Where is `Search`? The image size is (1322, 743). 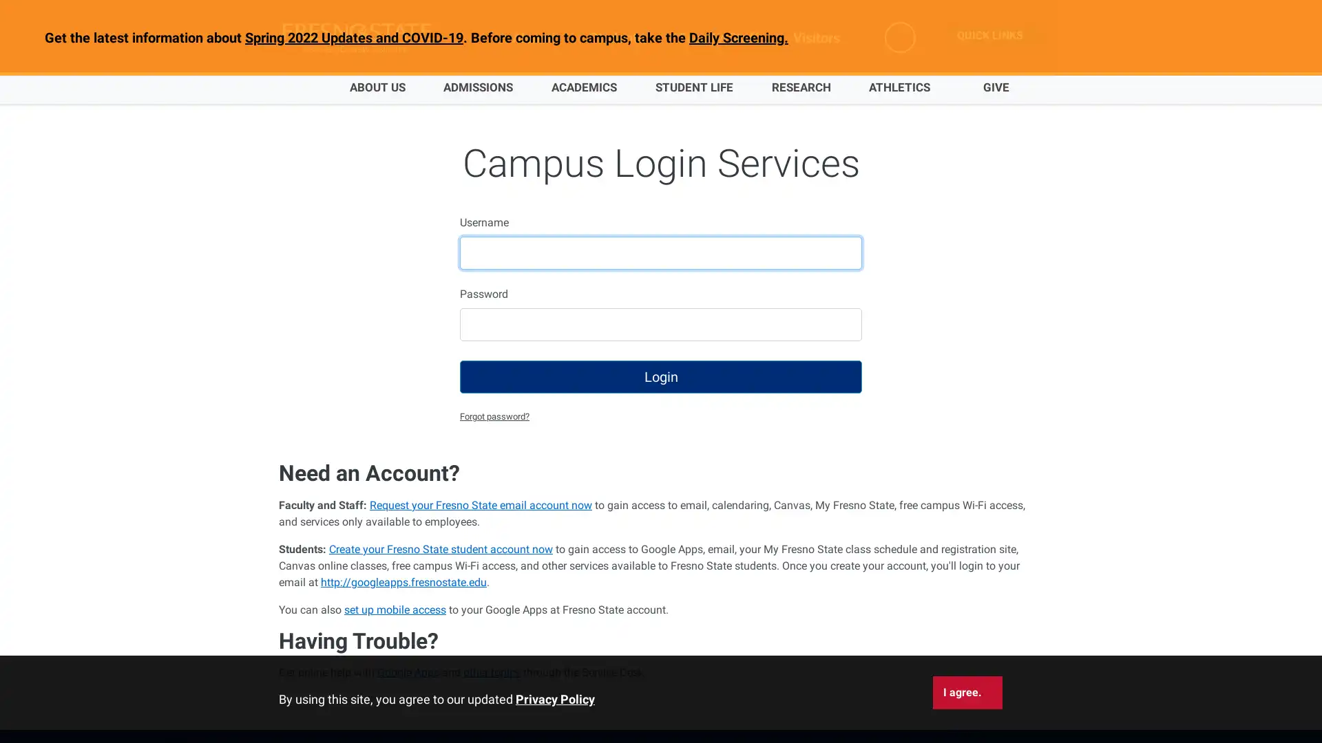
Search is located at coordinates (901, 36).